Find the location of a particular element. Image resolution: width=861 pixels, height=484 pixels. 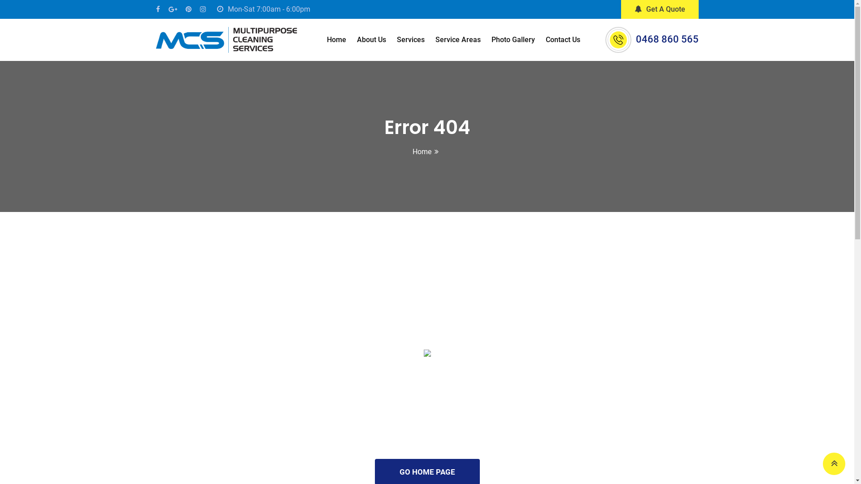

'Home' is located at coordinates (421, 151).